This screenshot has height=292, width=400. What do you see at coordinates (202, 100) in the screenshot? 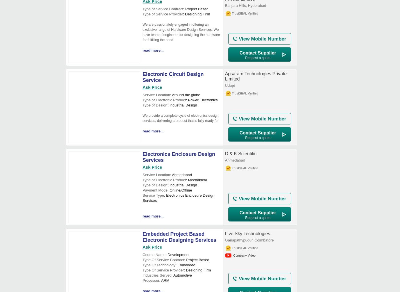
I see `':  Power Electronics'` at bounding box center [202, 100].